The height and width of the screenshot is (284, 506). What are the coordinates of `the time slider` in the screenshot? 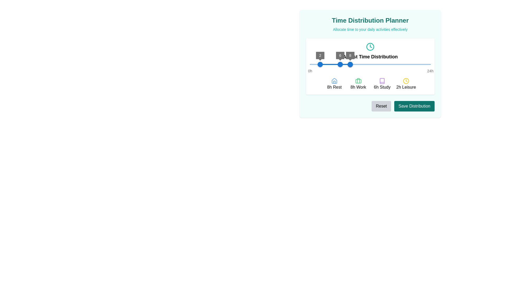 It's located at (346, 64).